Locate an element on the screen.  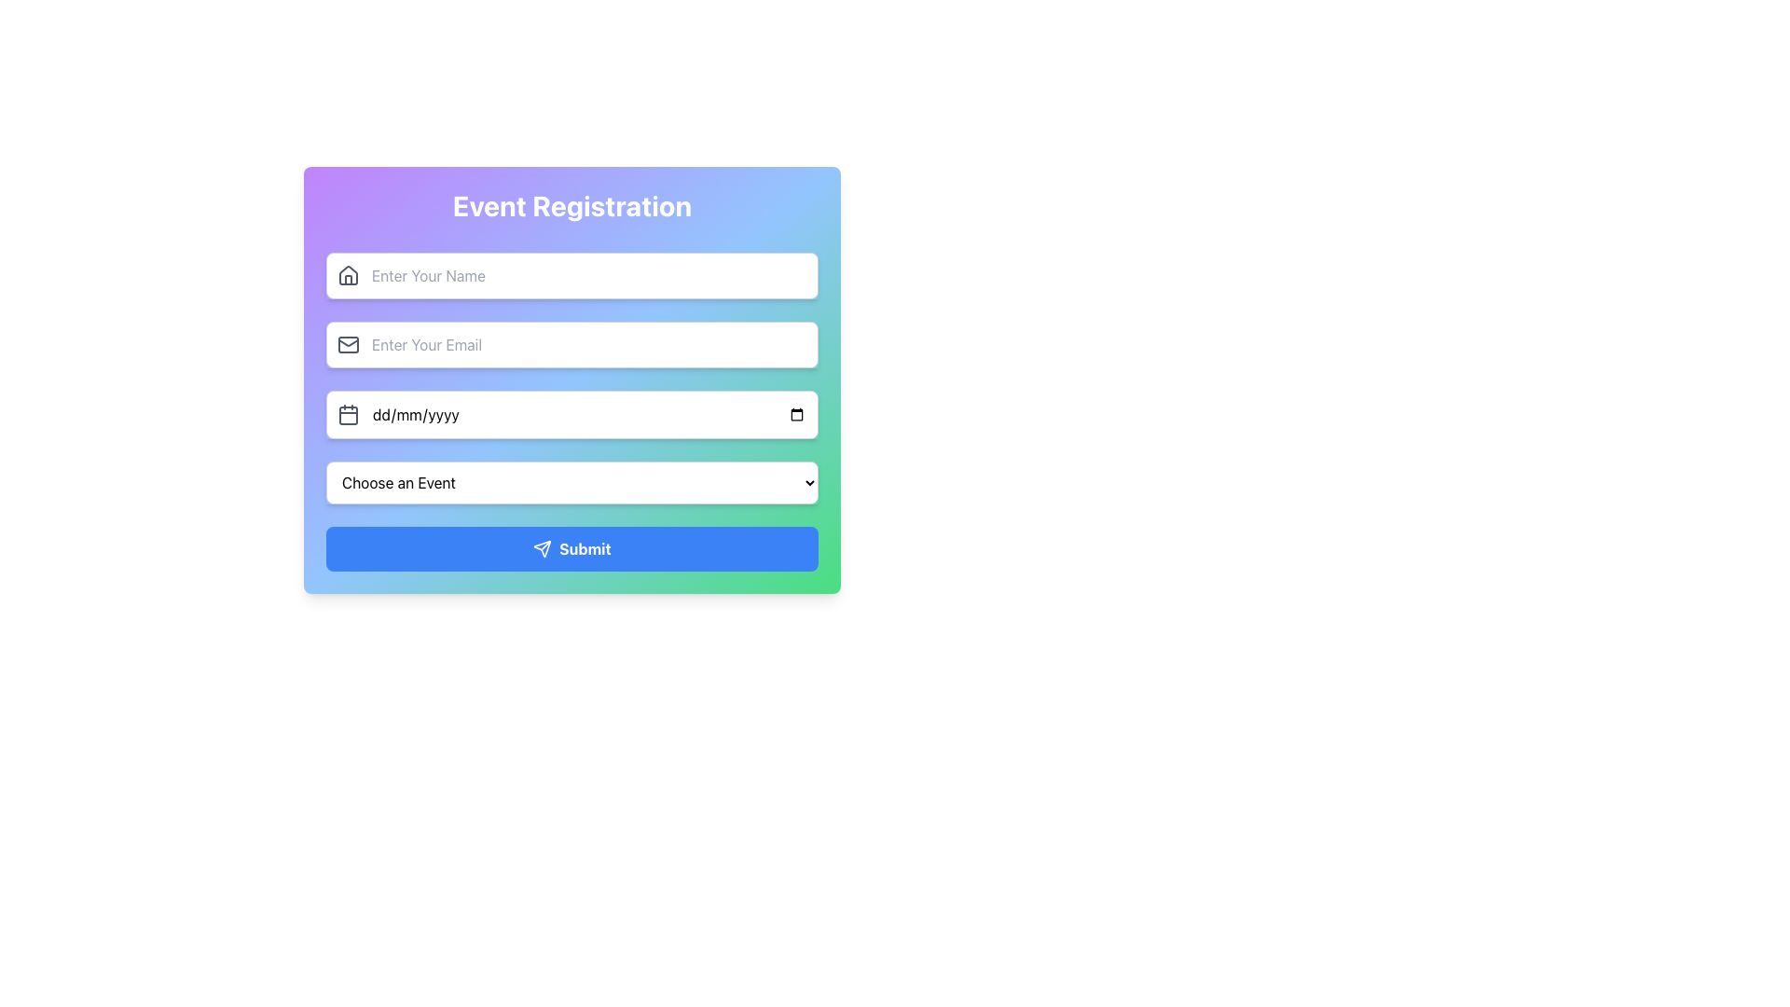
the 'Submit' button located at the bottom of the 'Event Registration' form is located at coordinates (571, 548).